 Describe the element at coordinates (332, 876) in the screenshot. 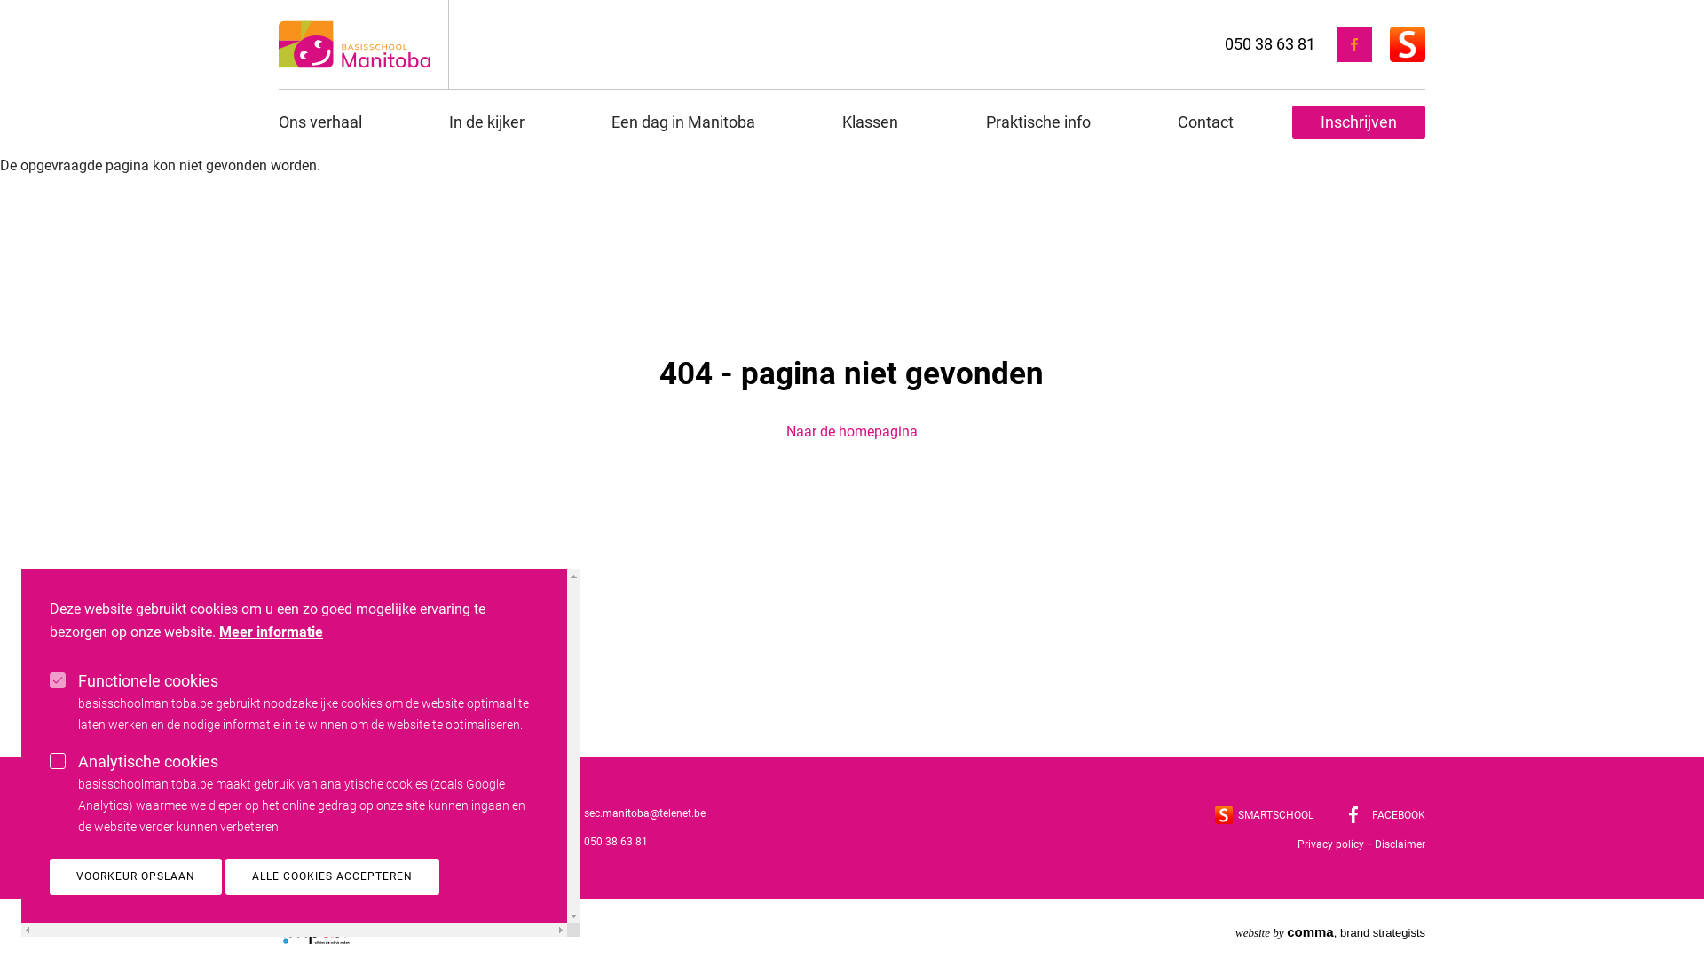

I see `'ALLE COOKIES ACCEPTEREN'` at that location.